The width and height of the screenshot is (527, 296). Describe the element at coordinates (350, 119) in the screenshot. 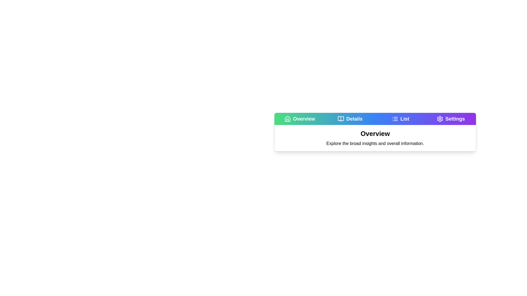

I see `the navigation button labeled 'Details' located in the top navigation bar, positioned second from the left` at that location.